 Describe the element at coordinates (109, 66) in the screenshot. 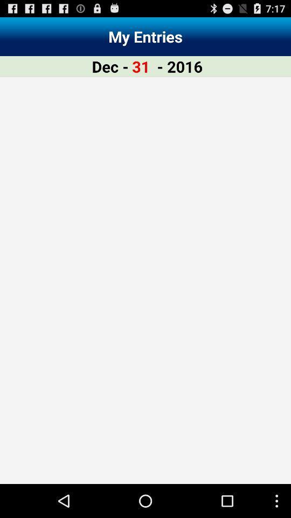

I see `the dec - icon` at that location.